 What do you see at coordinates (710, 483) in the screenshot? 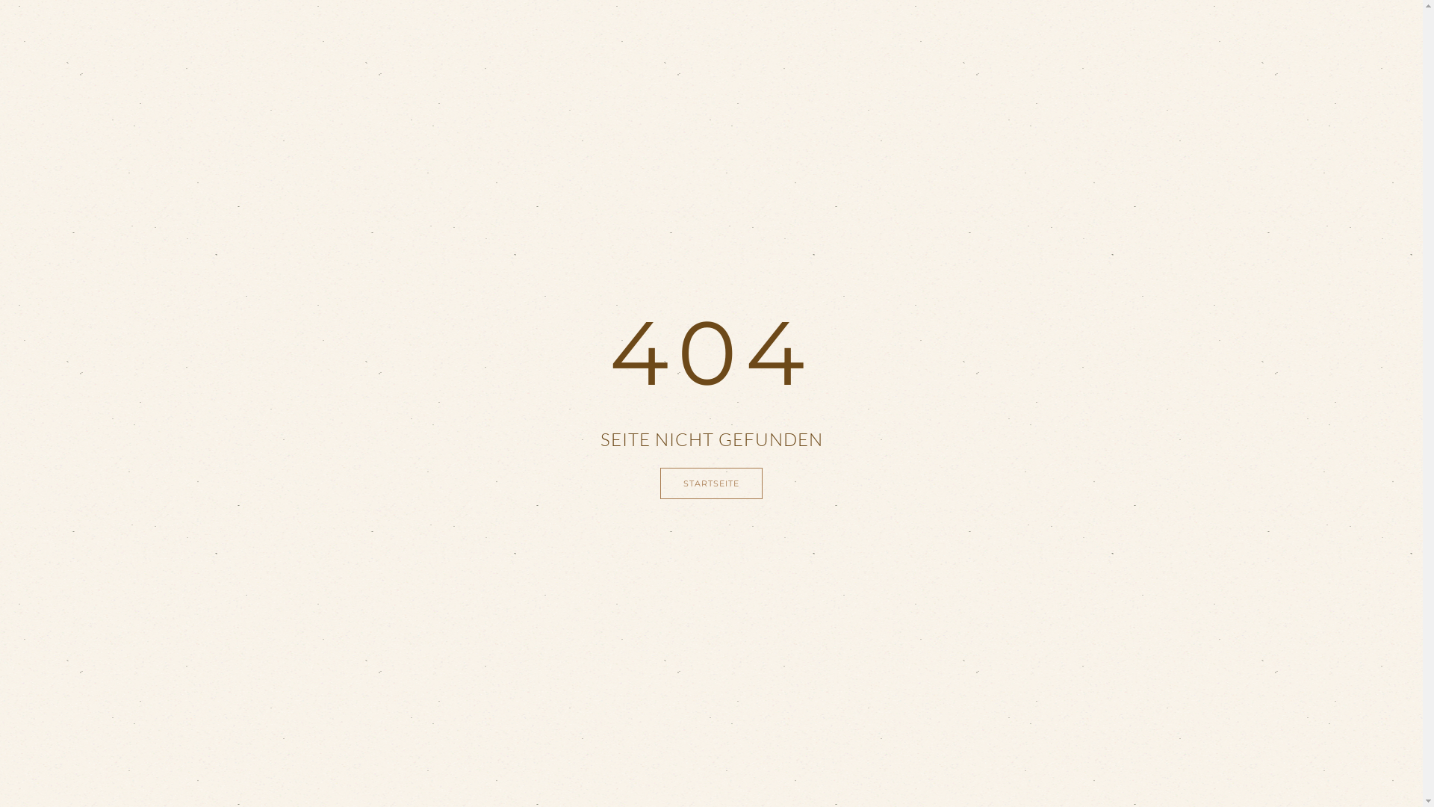
I see `'STARTSEITE'` at bounding box center [710, 483].